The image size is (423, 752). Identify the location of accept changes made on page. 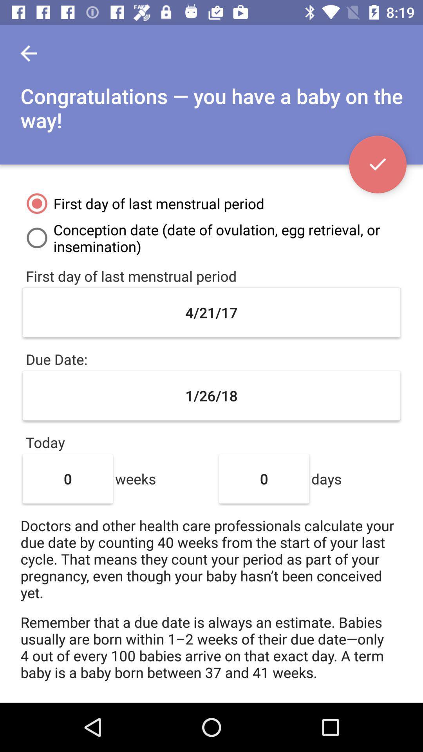
(377, 164).